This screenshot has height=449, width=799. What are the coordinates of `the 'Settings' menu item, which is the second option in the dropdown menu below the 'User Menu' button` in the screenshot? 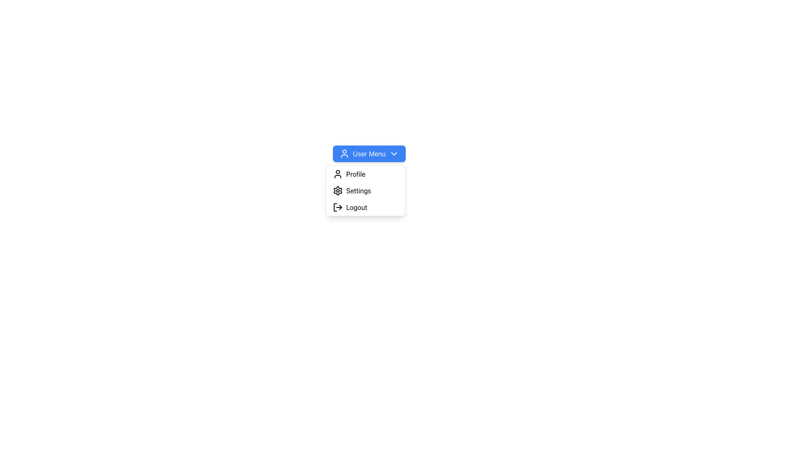 It's located at (365, 191).